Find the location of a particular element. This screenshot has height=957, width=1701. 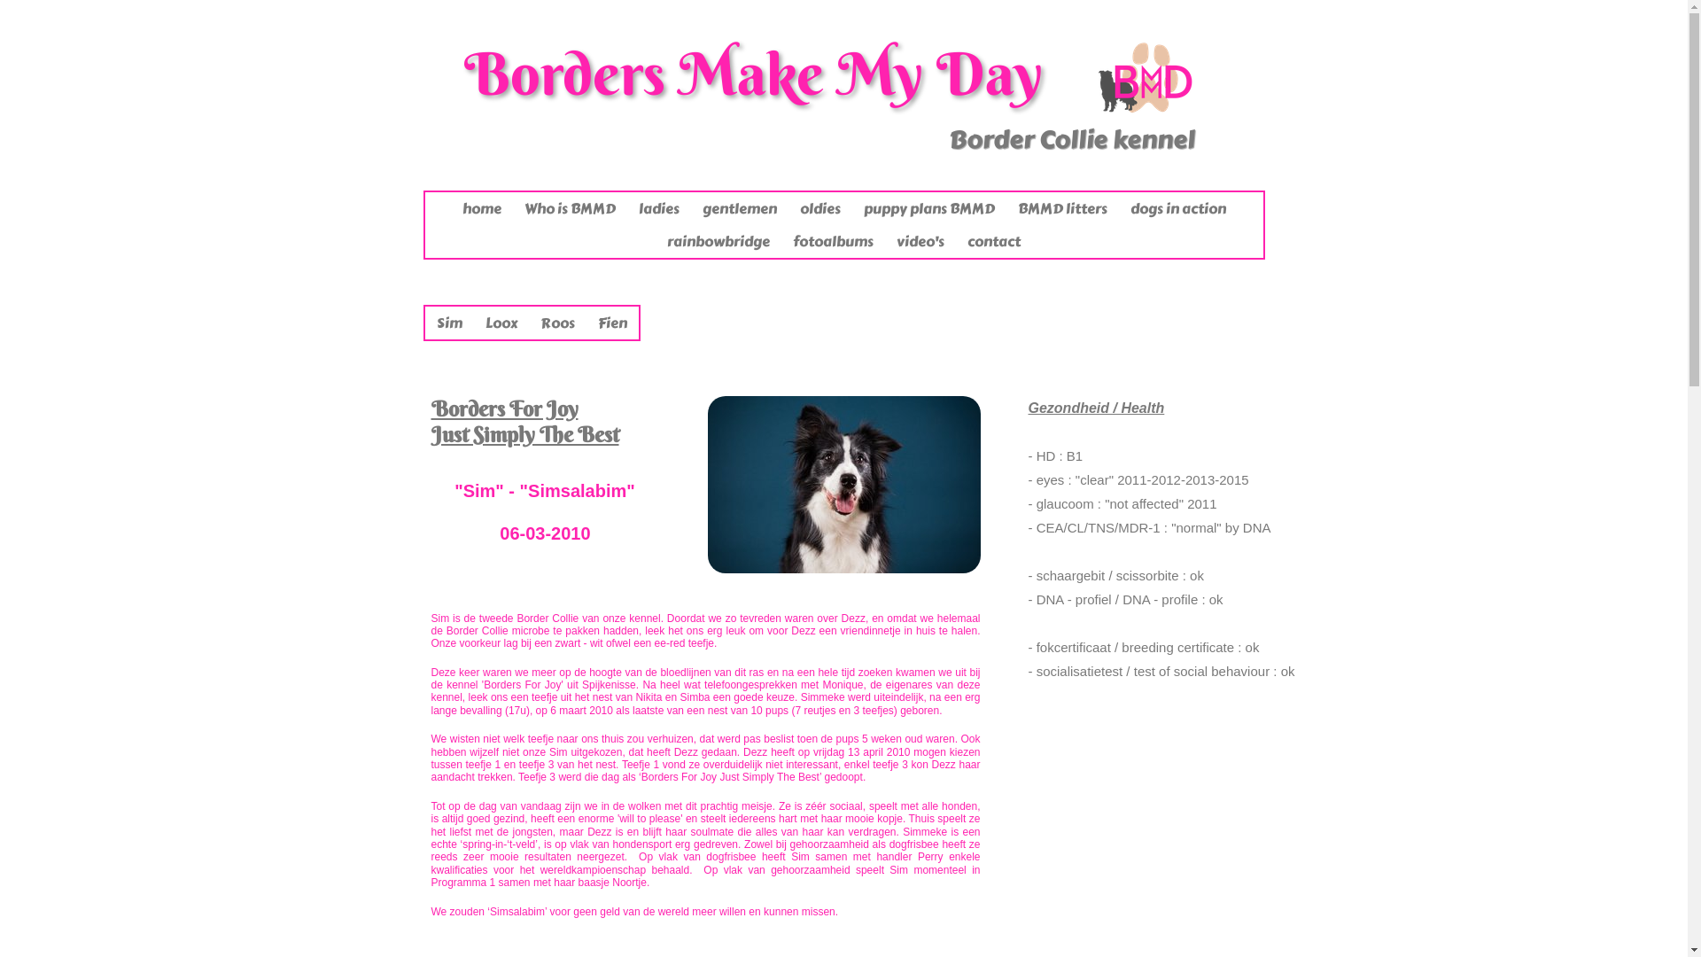

'contact' is located at coordinates (994, 241).